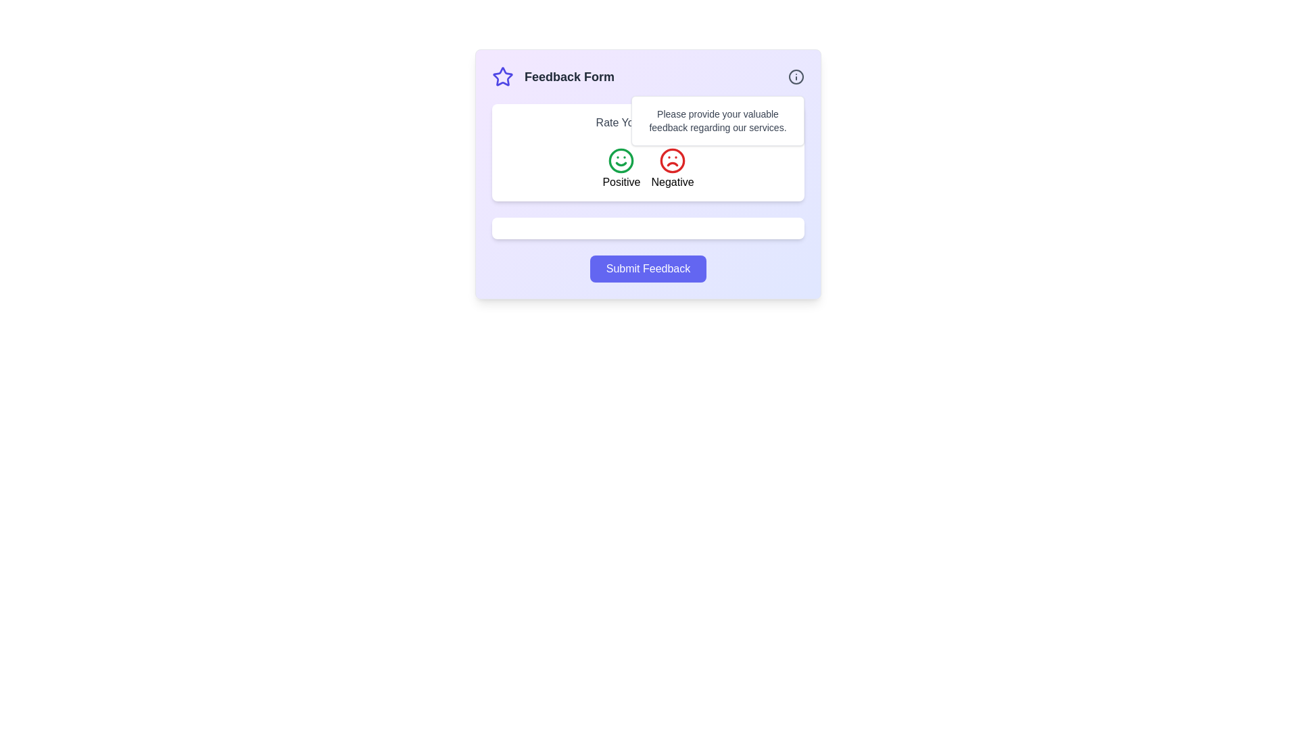 This screenshot has height=730, width=1298. Describe the element at coordinates (672, 160) in the screenshot. I see `the SVG Circle Shape that serves as a decorative part of the frowning face icon, positioned at the center of the icon to symbolize a negative response or rating` at that location.